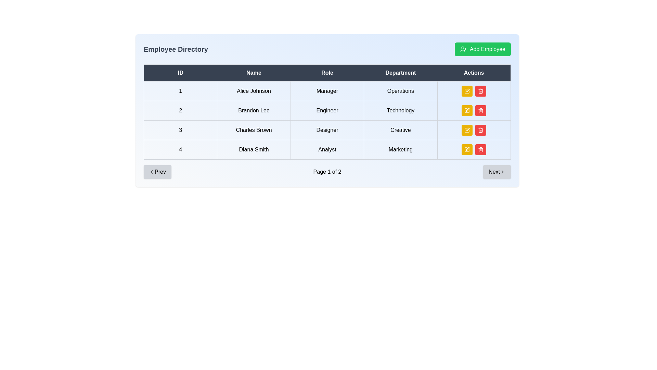 The width and height of the screenshot is (657, 370). I want to click on the static text display cell containing the text 'Analyst' in the employee directory table for Diana Smith, so click(327, 149).